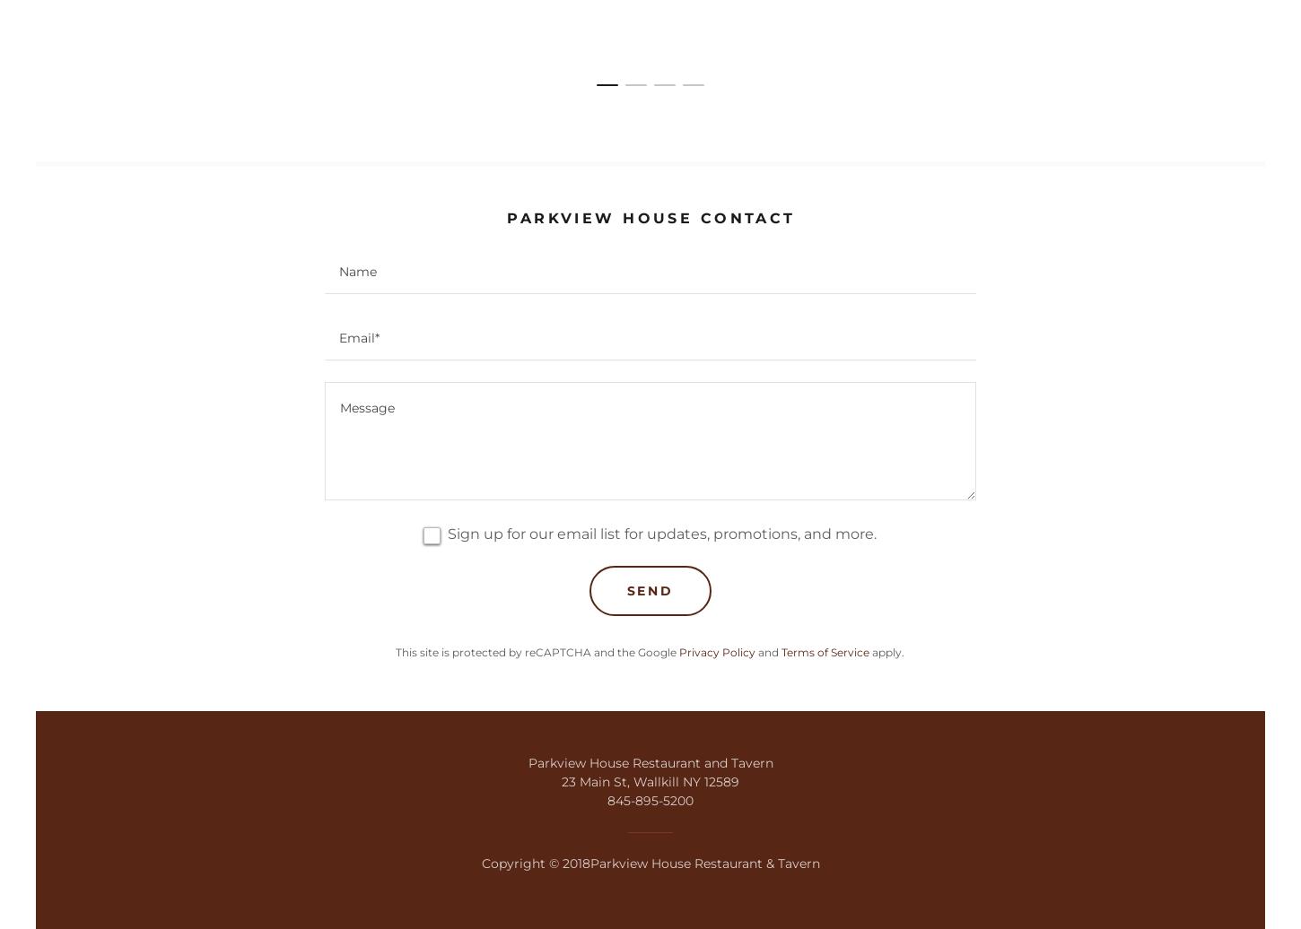  What do you see at coordinates (649, 863) in the screenshot?
I see `'Copyright © 2018Parkview House Restaurant & Tavern'` at bounding box center [649, 863].